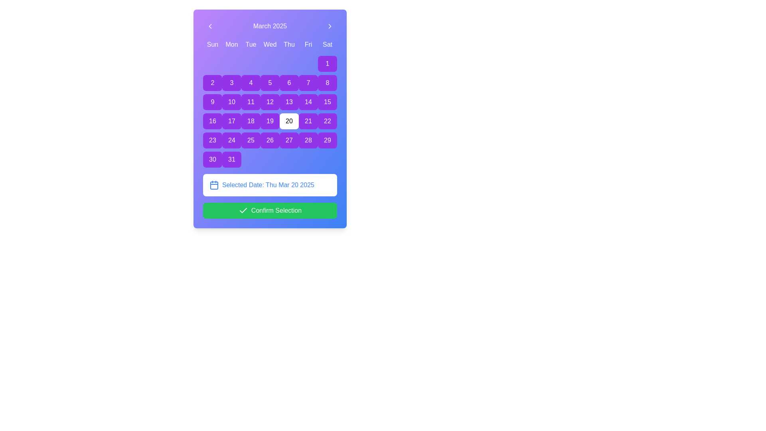 The width and height of the screenshot is (766, 431). Describe the element at coordinates (231, 140) in the screenshot. I see `the button displaying the number '24' against a purple rounded rectangle` at that location.